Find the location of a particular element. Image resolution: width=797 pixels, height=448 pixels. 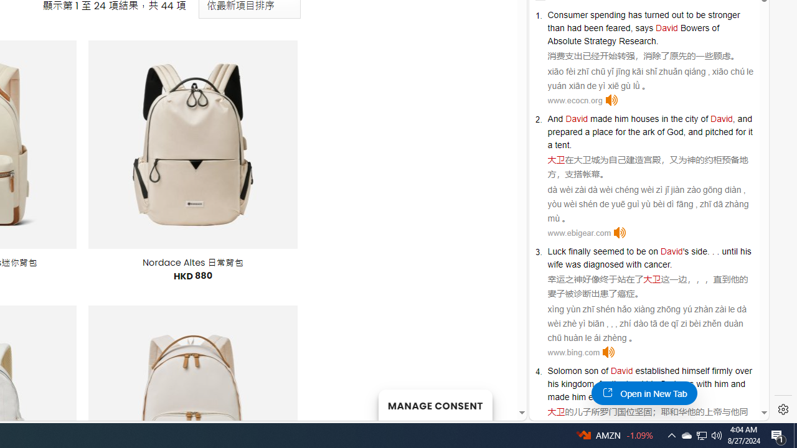

'And' is located at coordinates (555, 118).